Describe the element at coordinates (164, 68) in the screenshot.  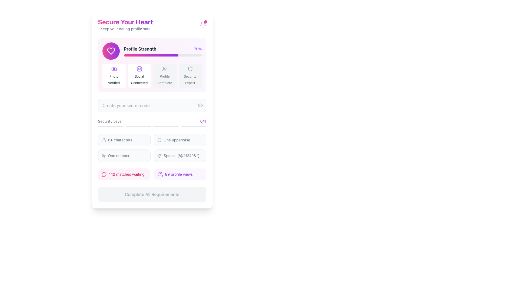
I see `the profile status icon, which is the fourth button in a horizontal row of five above the 'Create your secret code' section` at that location.